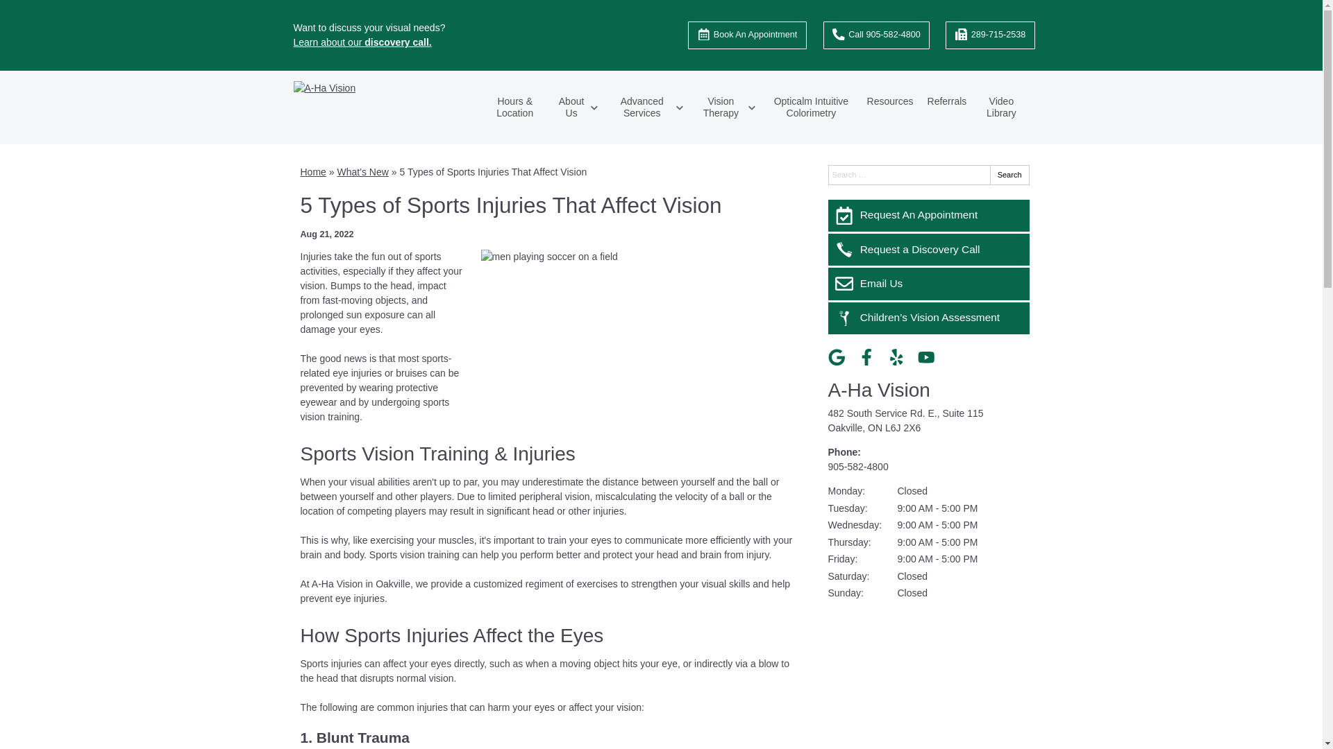  Describe the element at coordinates (859, 101) in the screenshot. I see `'Resources'` at that location.